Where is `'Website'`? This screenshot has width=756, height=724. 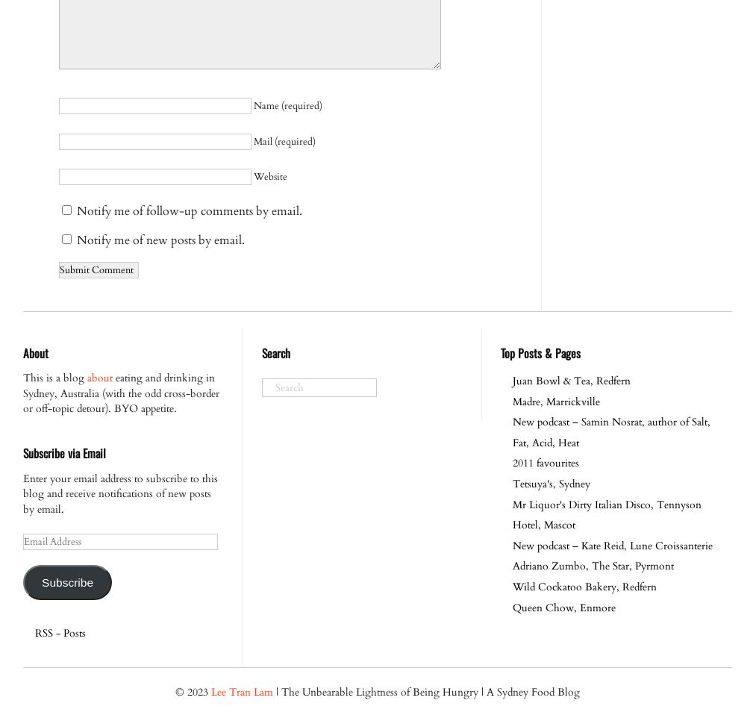
'Website' is located at coordinates (269, 176).